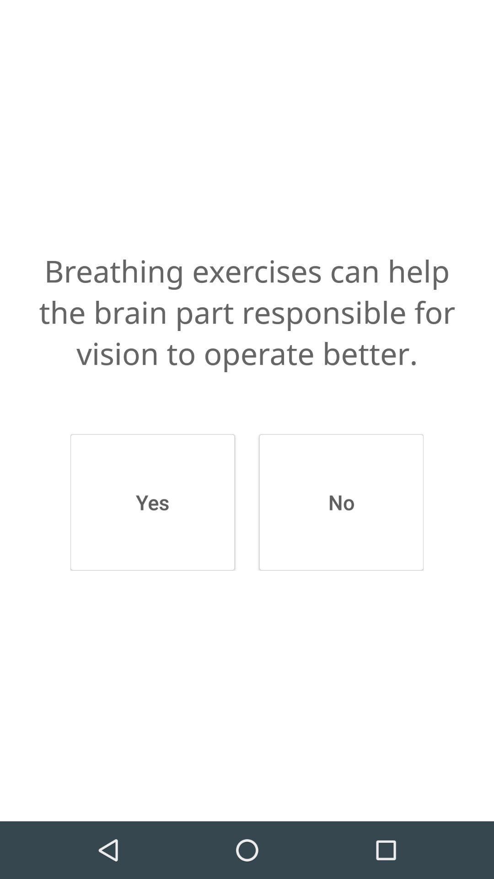 This screenshot has height=879, width=494. What do you see at coordinates (341, 502) in the screenshot?
I see `the icon below the breathing exercises can item` at bounding box center [341, 502].